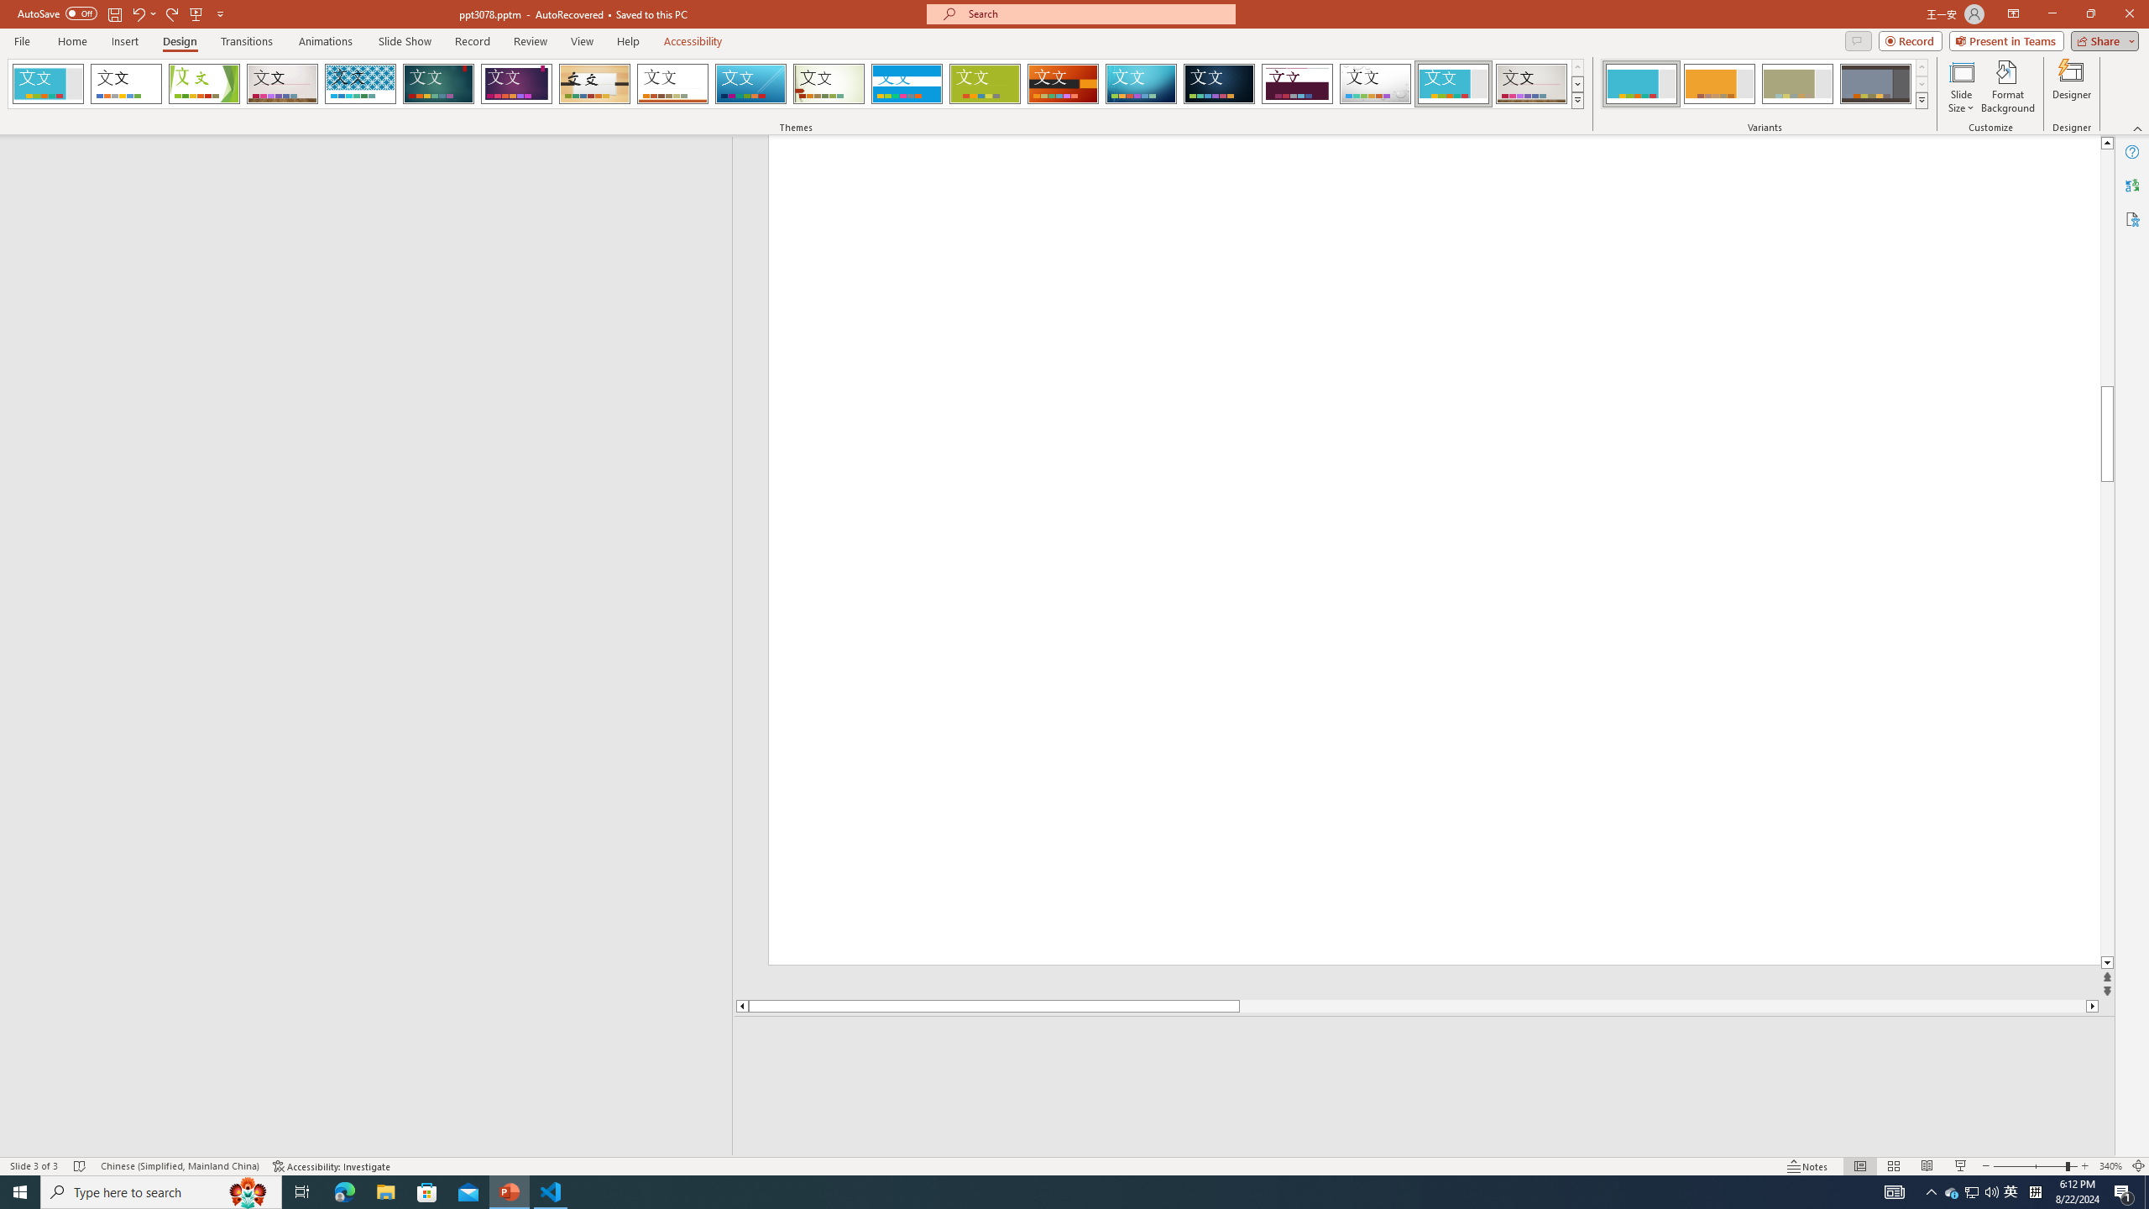  I want to click on 'Damask', so click(1218, 83).